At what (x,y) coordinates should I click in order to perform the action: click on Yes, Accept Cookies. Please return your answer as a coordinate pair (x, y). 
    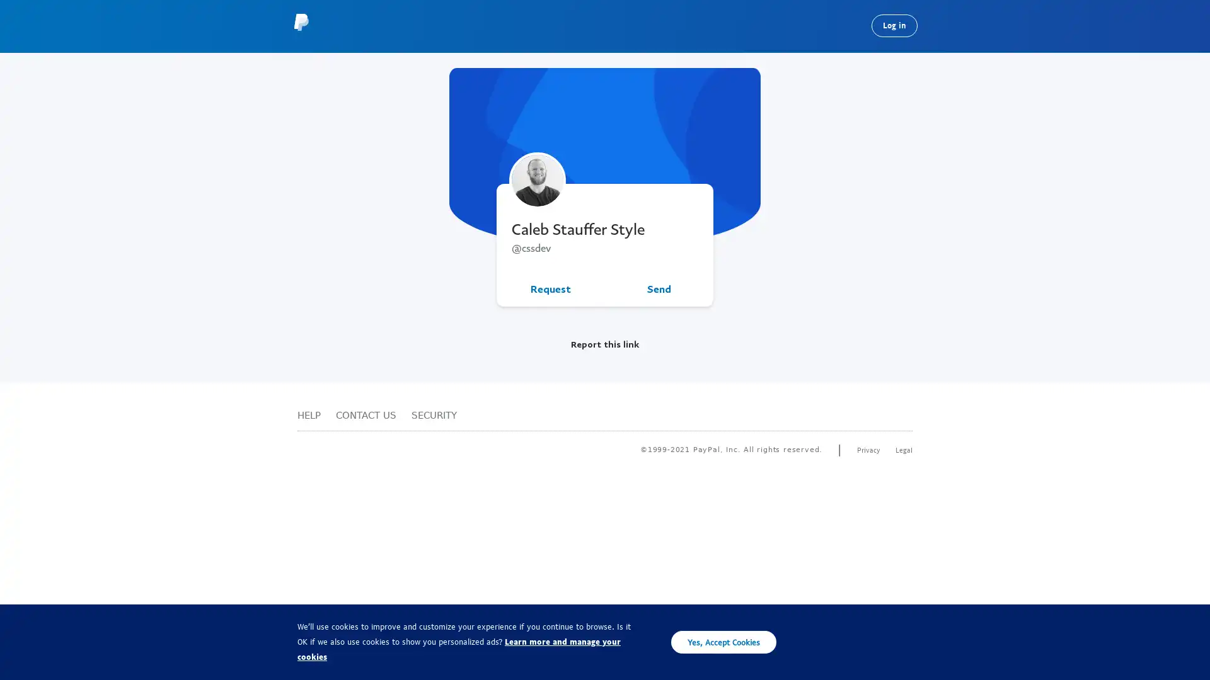
    Looking at the image, I should click on (723, 642).